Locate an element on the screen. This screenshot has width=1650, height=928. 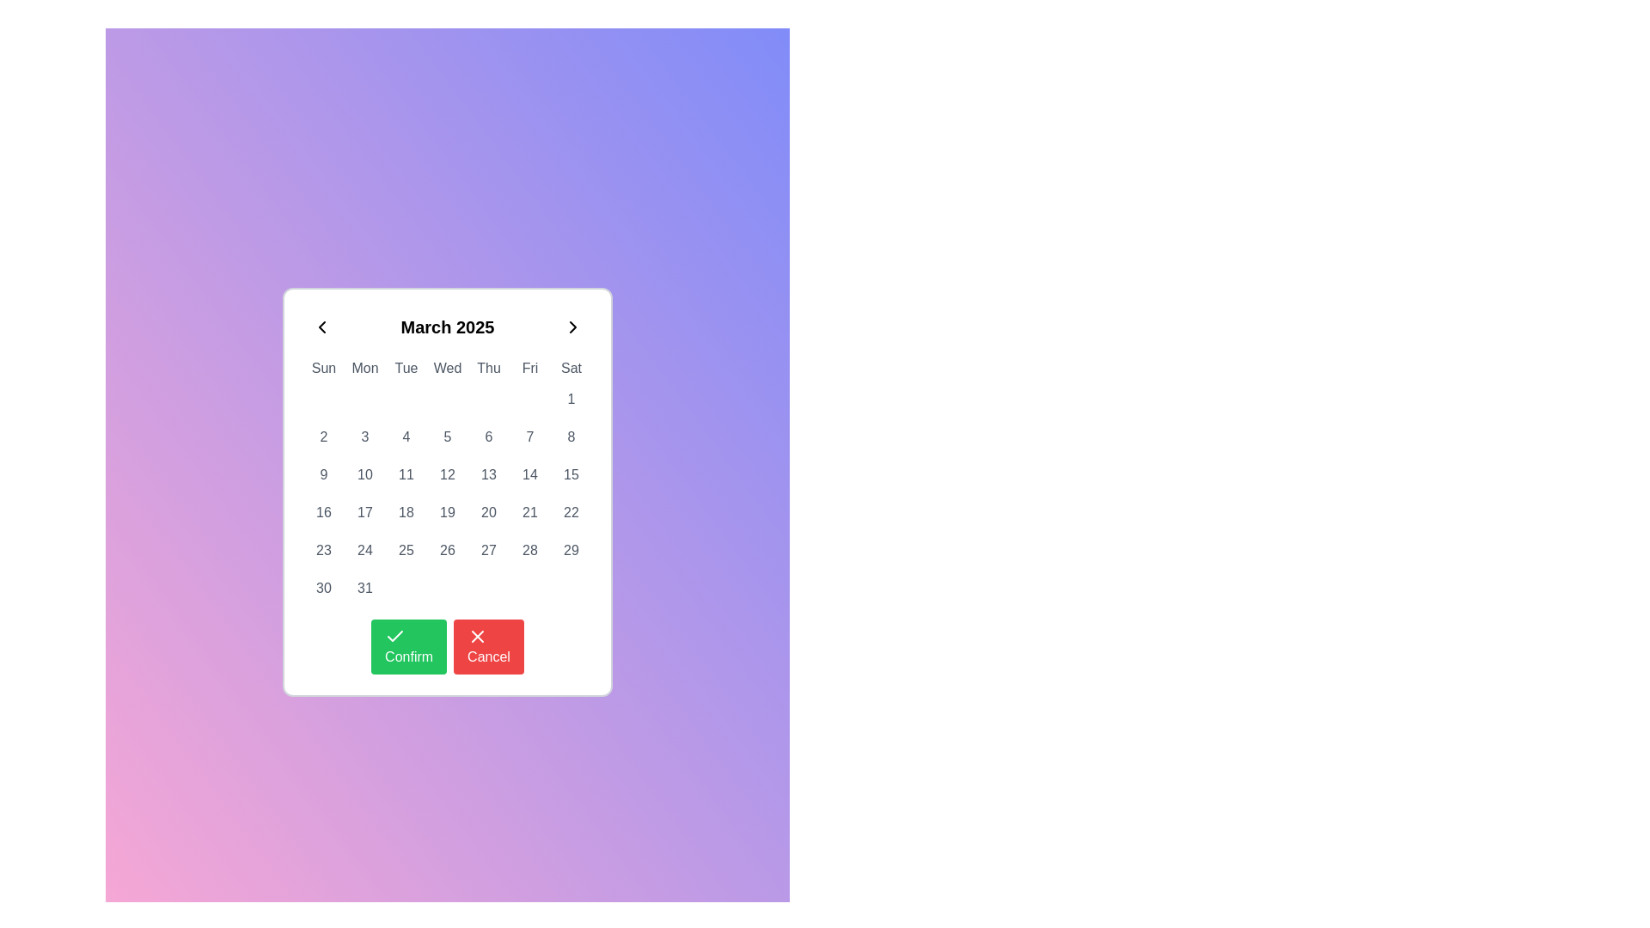
the rounded square button displaying the number '12' in the calendar grid located under 'Wed' to change its background color is located at coordinates (448, 474).